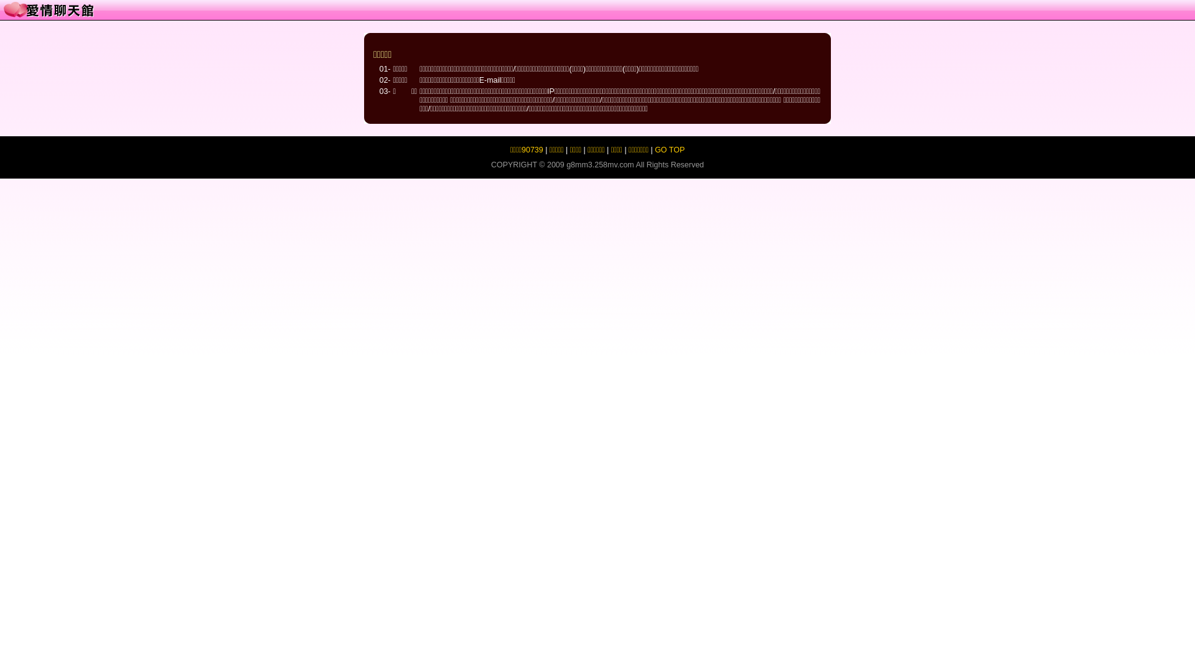 The image size is (1195, 672). I want to click on 'g8mm3.258mv.com', so click(600, 164).